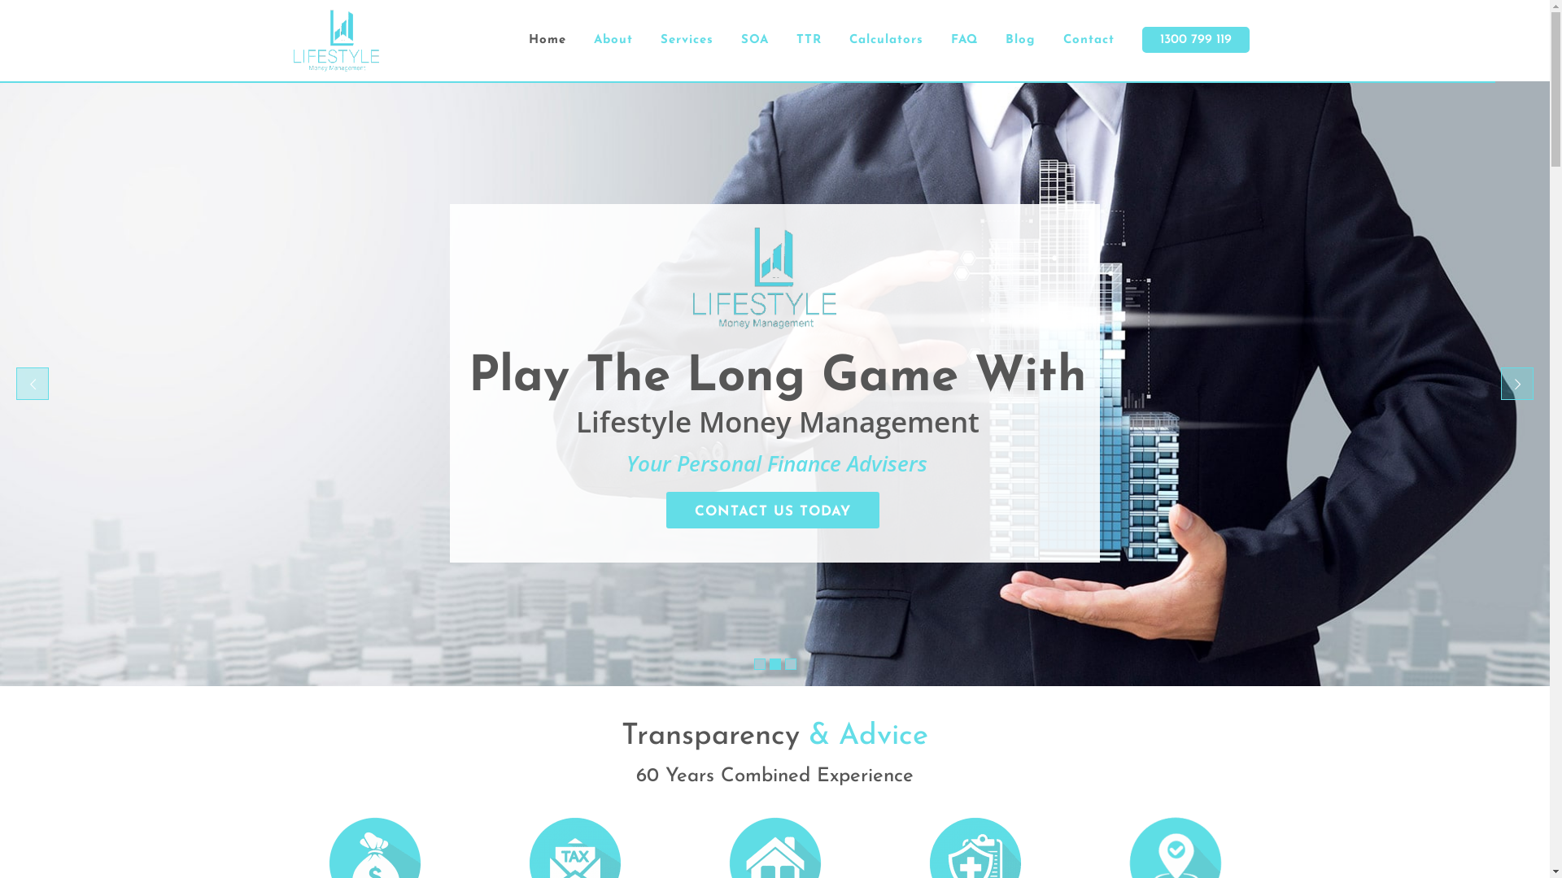 This screenshot has width=1562, height=878. What do you see at coordinates (612, 40) in the screenshot?
I see `'About'` at bounding box center [612, 40].